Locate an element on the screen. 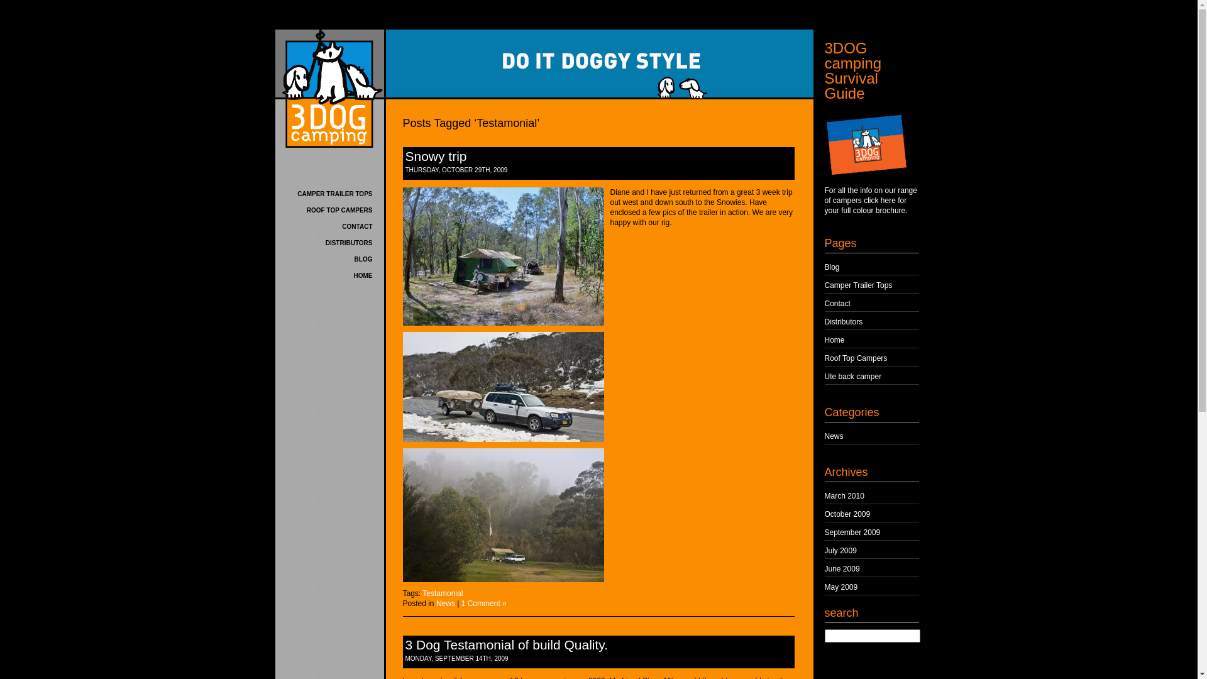 This screenshot has width=1207, height=679. 'CAMPER TRAILER TOPS' is located at coordinates (334, 194).